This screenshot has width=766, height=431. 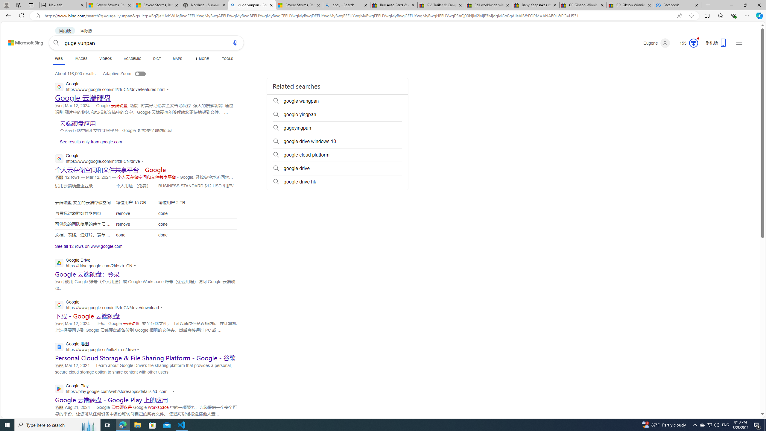 What do you see at coordinates (731, 5) in the screenshot?
I see `'Minimize'` at bounding box center [731, 5].